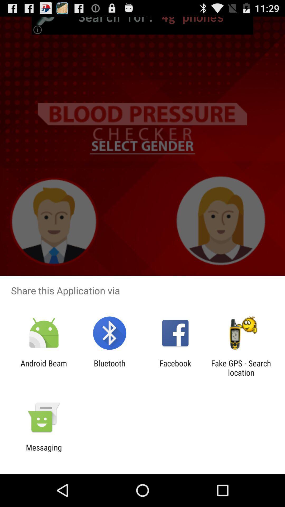 This screenshot has width=285, height=507. Describe the element at coordinates (175, 368) in the screenshot. I see `the app next to the bluetooth` at that location.